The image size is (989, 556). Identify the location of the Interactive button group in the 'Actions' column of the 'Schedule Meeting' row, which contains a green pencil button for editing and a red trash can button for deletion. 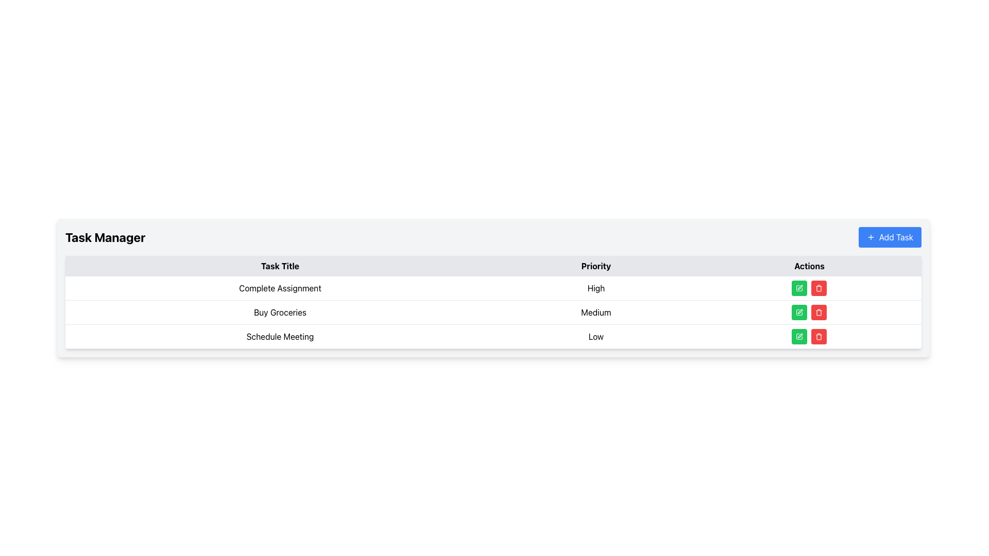
(809, 337).